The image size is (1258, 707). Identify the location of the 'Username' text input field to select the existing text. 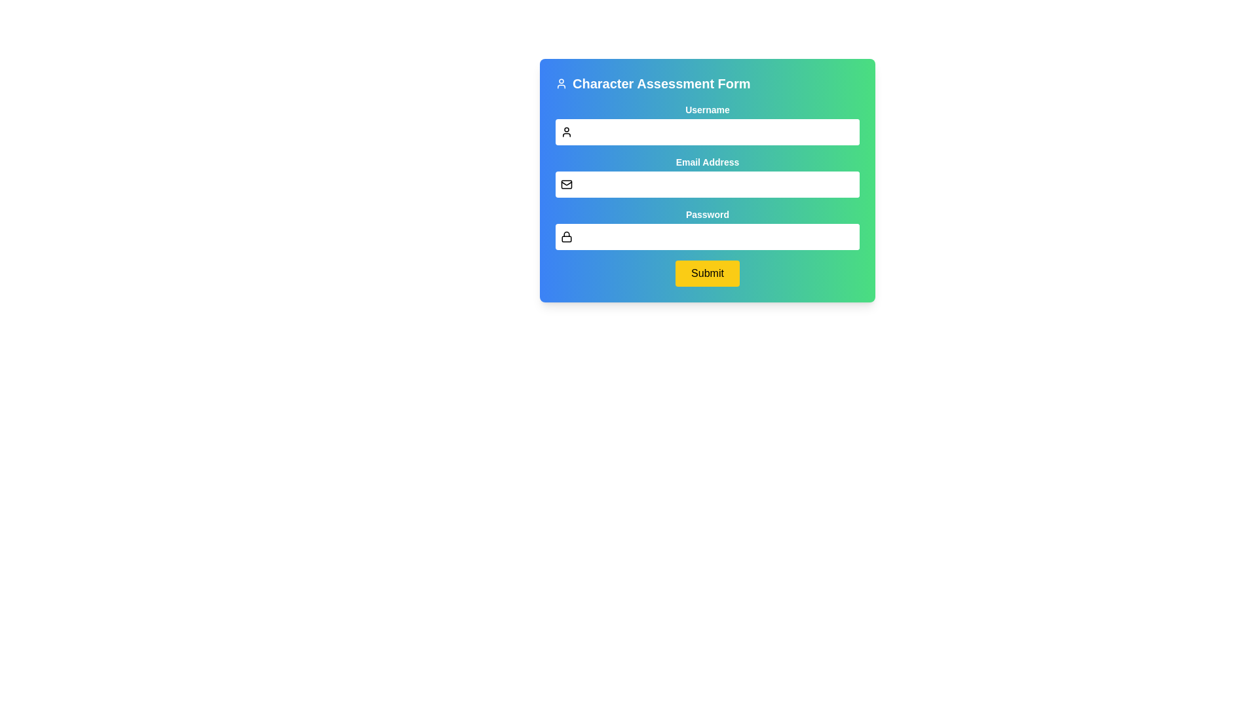
(707, 124).